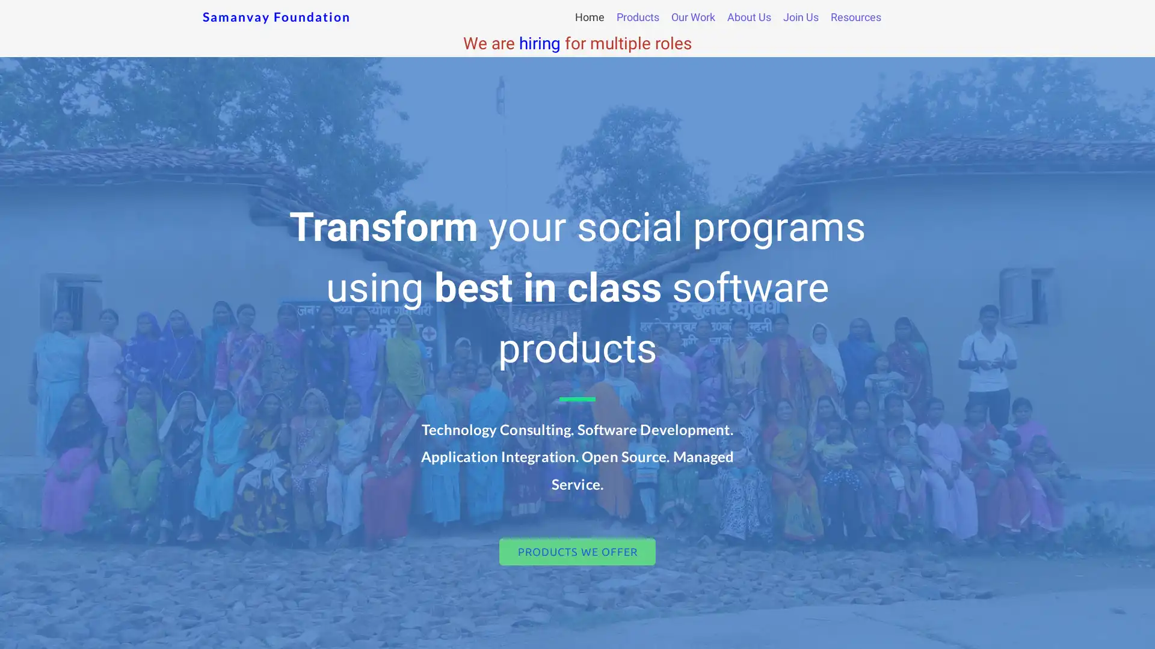 The width and height of the screenshot is (1155, 649). Describe the element at coordinates (577, 552) in the screenshot. I see `PRODUCTS WE OFFER` at that location.